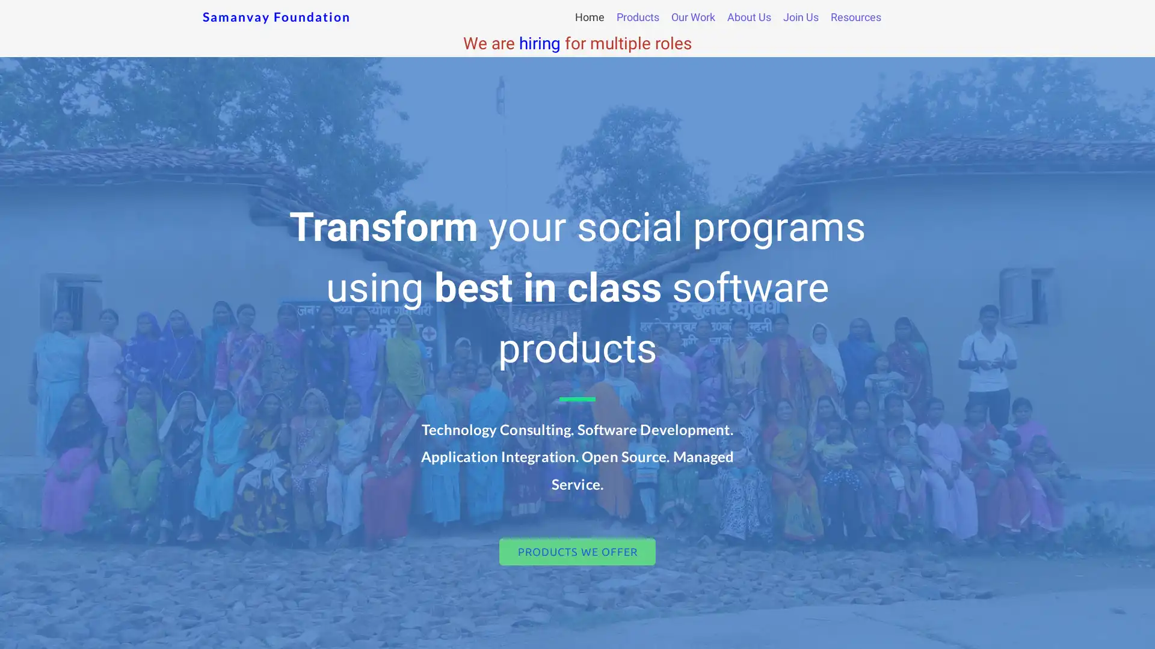 The width and height of the screenshot is (1155, 649). Describe the element at coordinates (577, 552) in the screenshot. I see `PRODUCTS WE OFFER` at that location.